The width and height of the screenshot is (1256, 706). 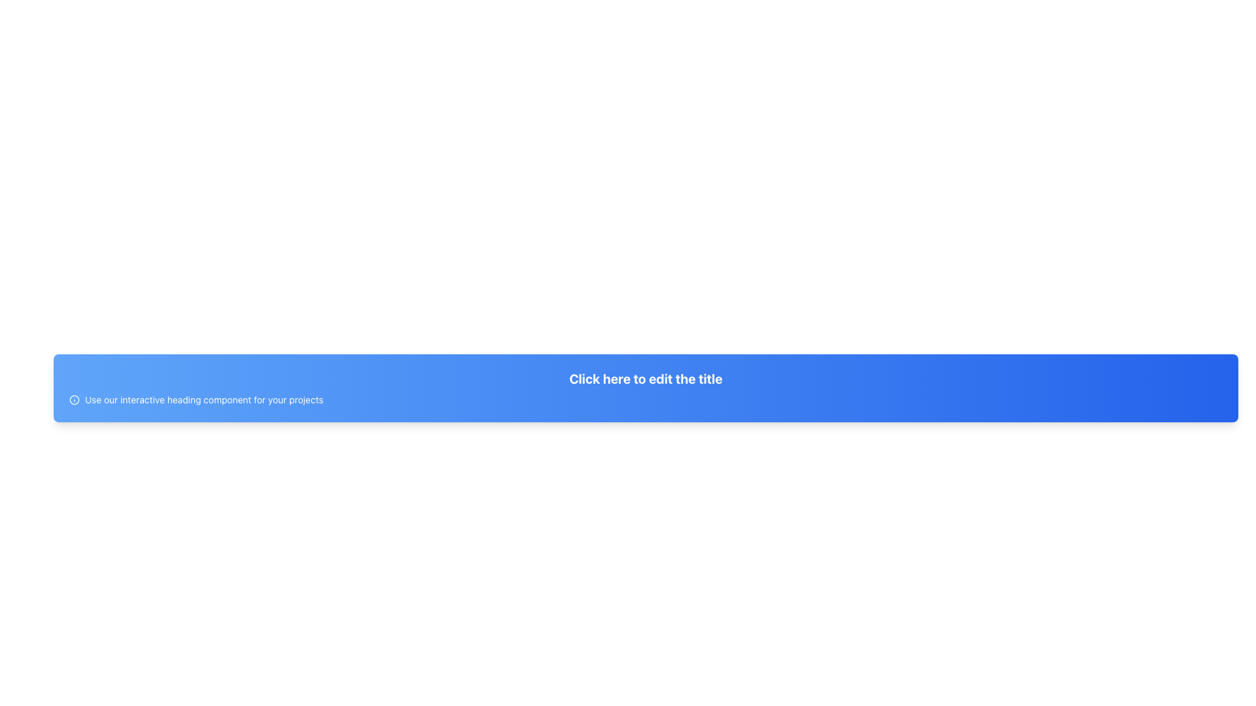 I want to click on the information icon located at the beginning of the horizontal bar, adjacent to the text 'Use our interactive heading component for your projects', so click(x=74, y=399).